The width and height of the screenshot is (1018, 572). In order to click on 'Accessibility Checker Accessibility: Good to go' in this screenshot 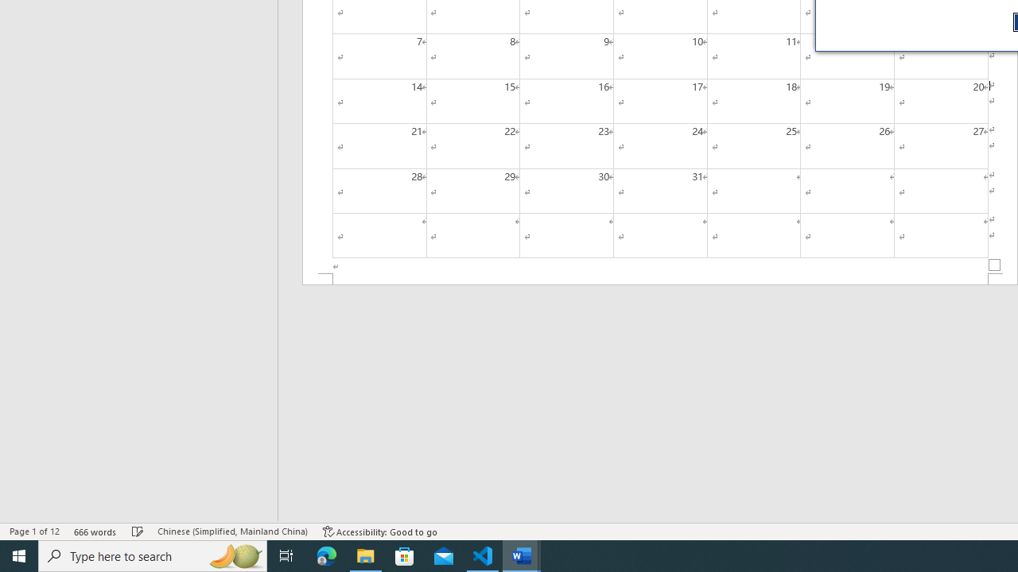, I will do `click(379, 531)`.